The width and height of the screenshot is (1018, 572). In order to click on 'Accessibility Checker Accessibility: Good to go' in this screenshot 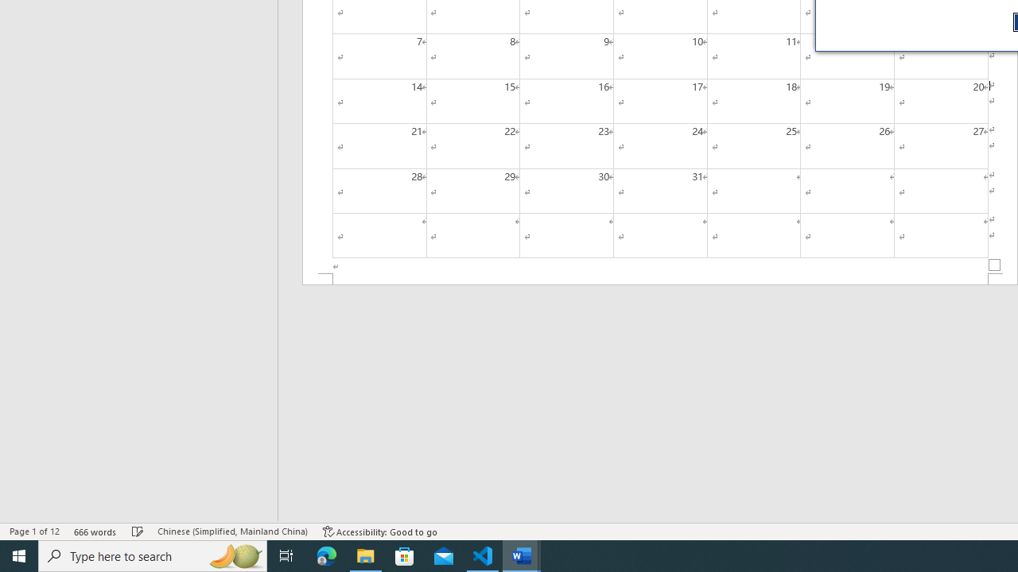, I will do `click(379, 531)`.